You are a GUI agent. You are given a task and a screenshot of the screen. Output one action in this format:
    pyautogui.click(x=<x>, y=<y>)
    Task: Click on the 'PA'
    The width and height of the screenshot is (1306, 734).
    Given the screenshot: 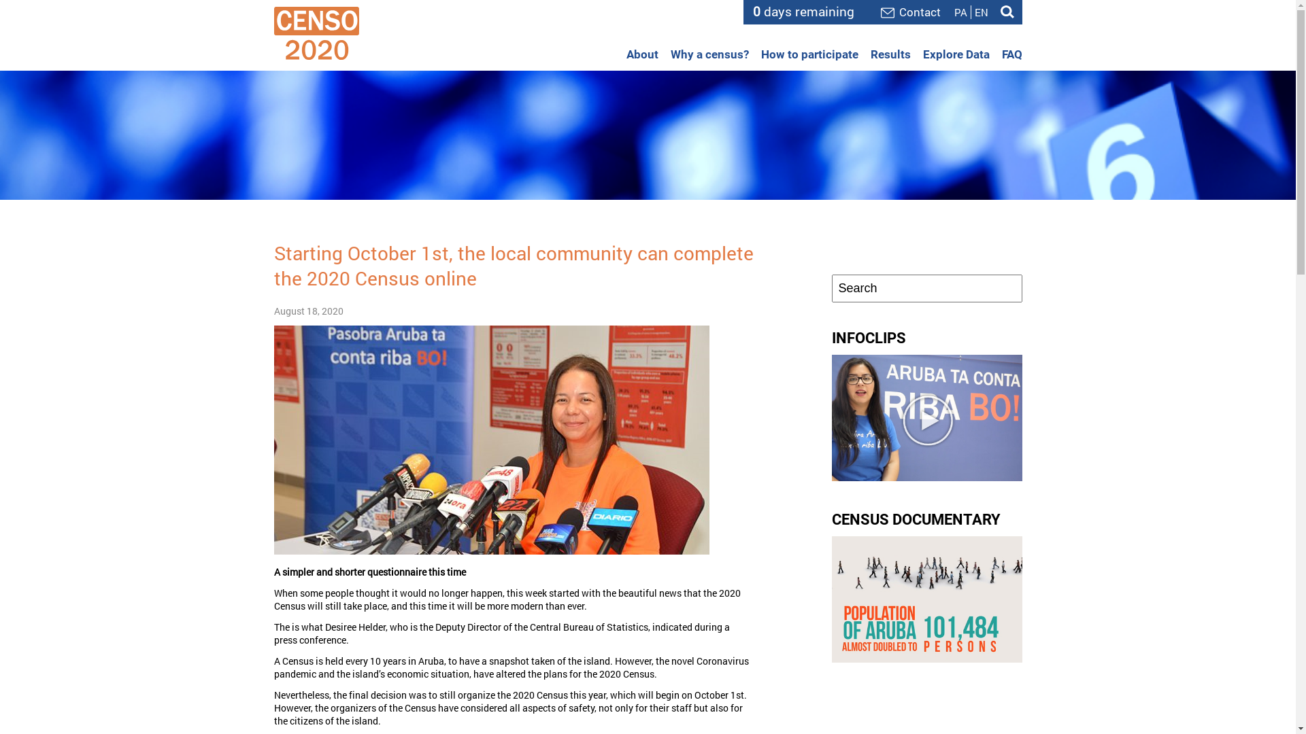 What is the action you would take?
    pyautogui.click(x=959, y=12)
    